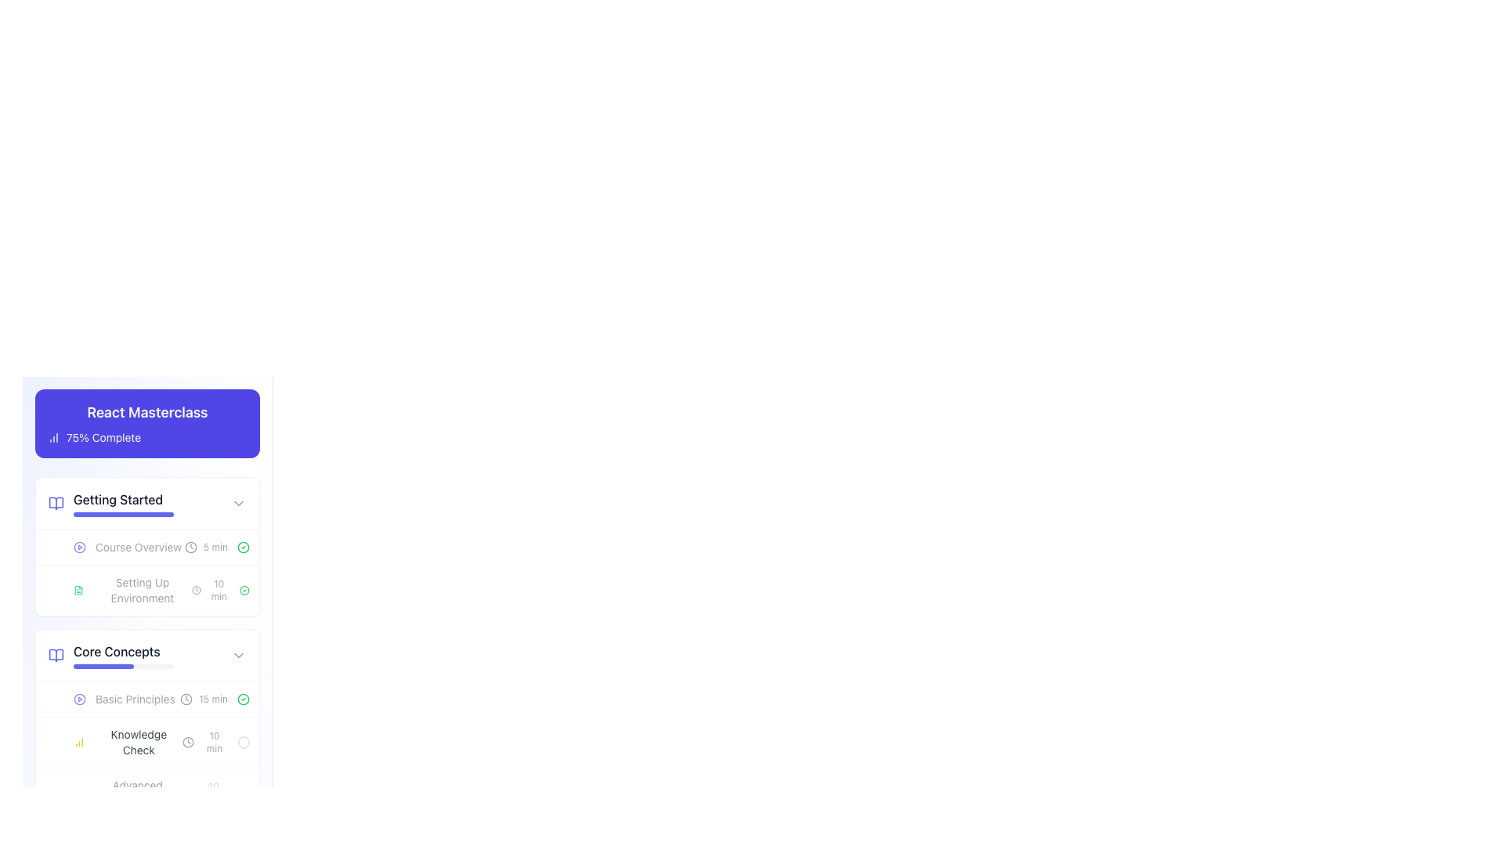 This screenshot has width=1504, height=846. What do you see at coordinates (186, 699) in the screenshot?
I see `the circular outline of the SVG icon that is part of the clock icon, located to the left of the 'Basic Principles' list item in the 'Core Concepts' section` at bounding box center [186, 699].